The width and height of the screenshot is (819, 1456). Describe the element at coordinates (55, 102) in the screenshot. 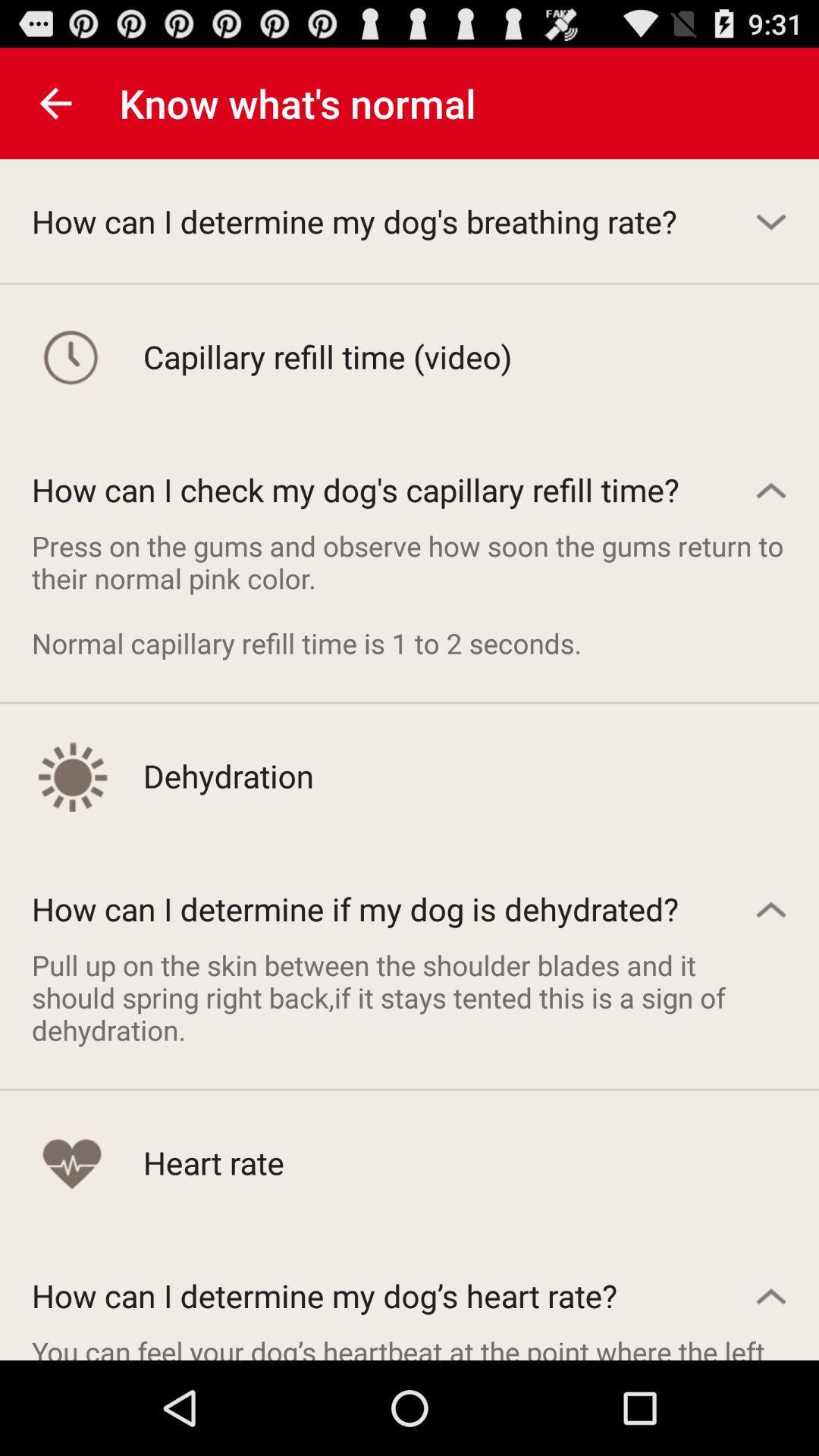

I see `icon above how can i item` at that location.